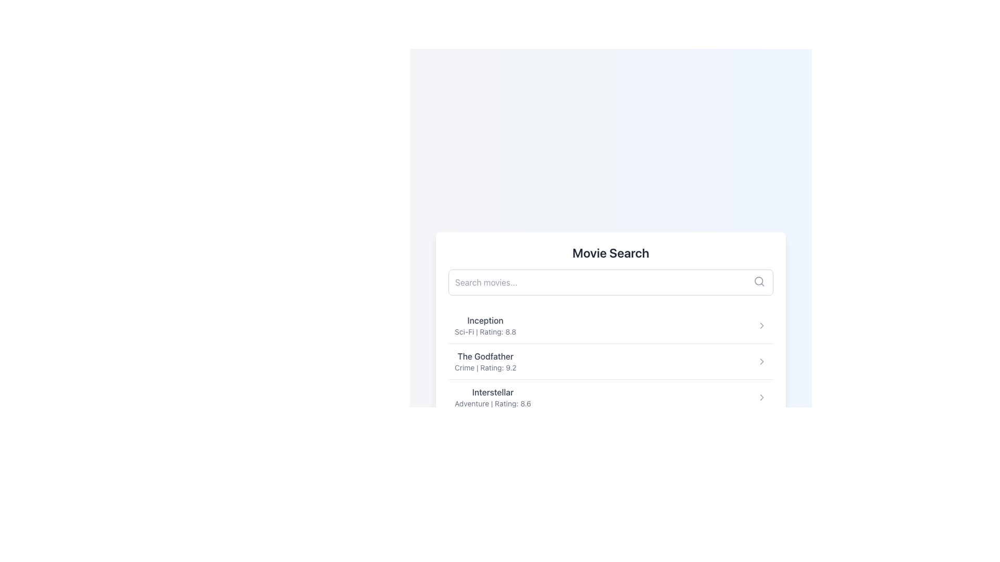 Image resolution: width=1000 pixels, height=562 pixels. I want to click on the 'Interstellar' text label, which is the third entry in the movie list within the 'Movie Search' component, to infer details about the movie, so click(492, 392).